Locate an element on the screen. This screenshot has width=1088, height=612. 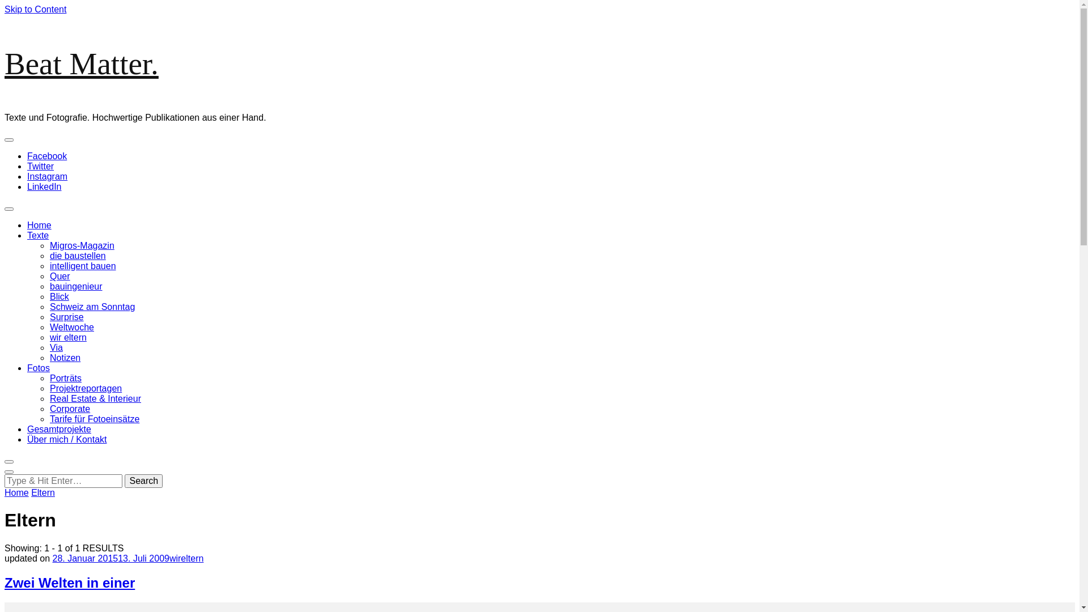
'Migros-Magazin' is located at coordinates (49, 245).